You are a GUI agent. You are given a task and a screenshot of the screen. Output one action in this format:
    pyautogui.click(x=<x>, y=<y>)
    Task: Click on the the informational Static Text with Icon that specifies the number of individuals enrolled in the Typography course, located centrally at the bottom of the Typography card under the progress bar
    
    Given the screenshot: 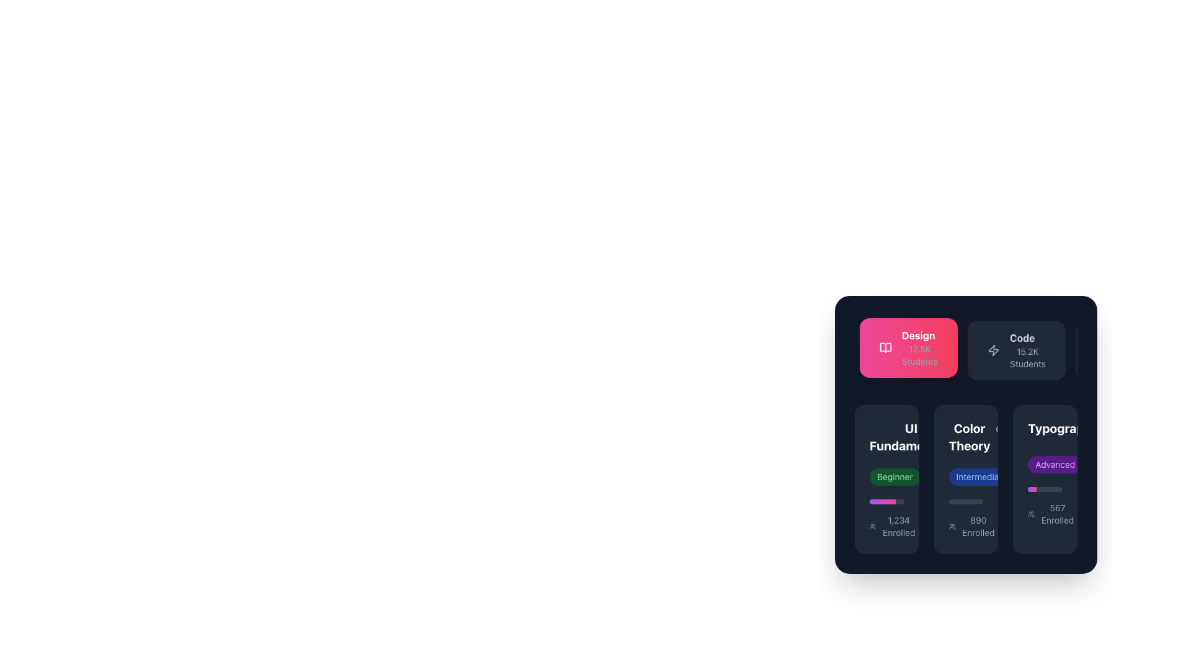 What is the action you would take?
    pyautogui.click(x=1051, y=514)
    